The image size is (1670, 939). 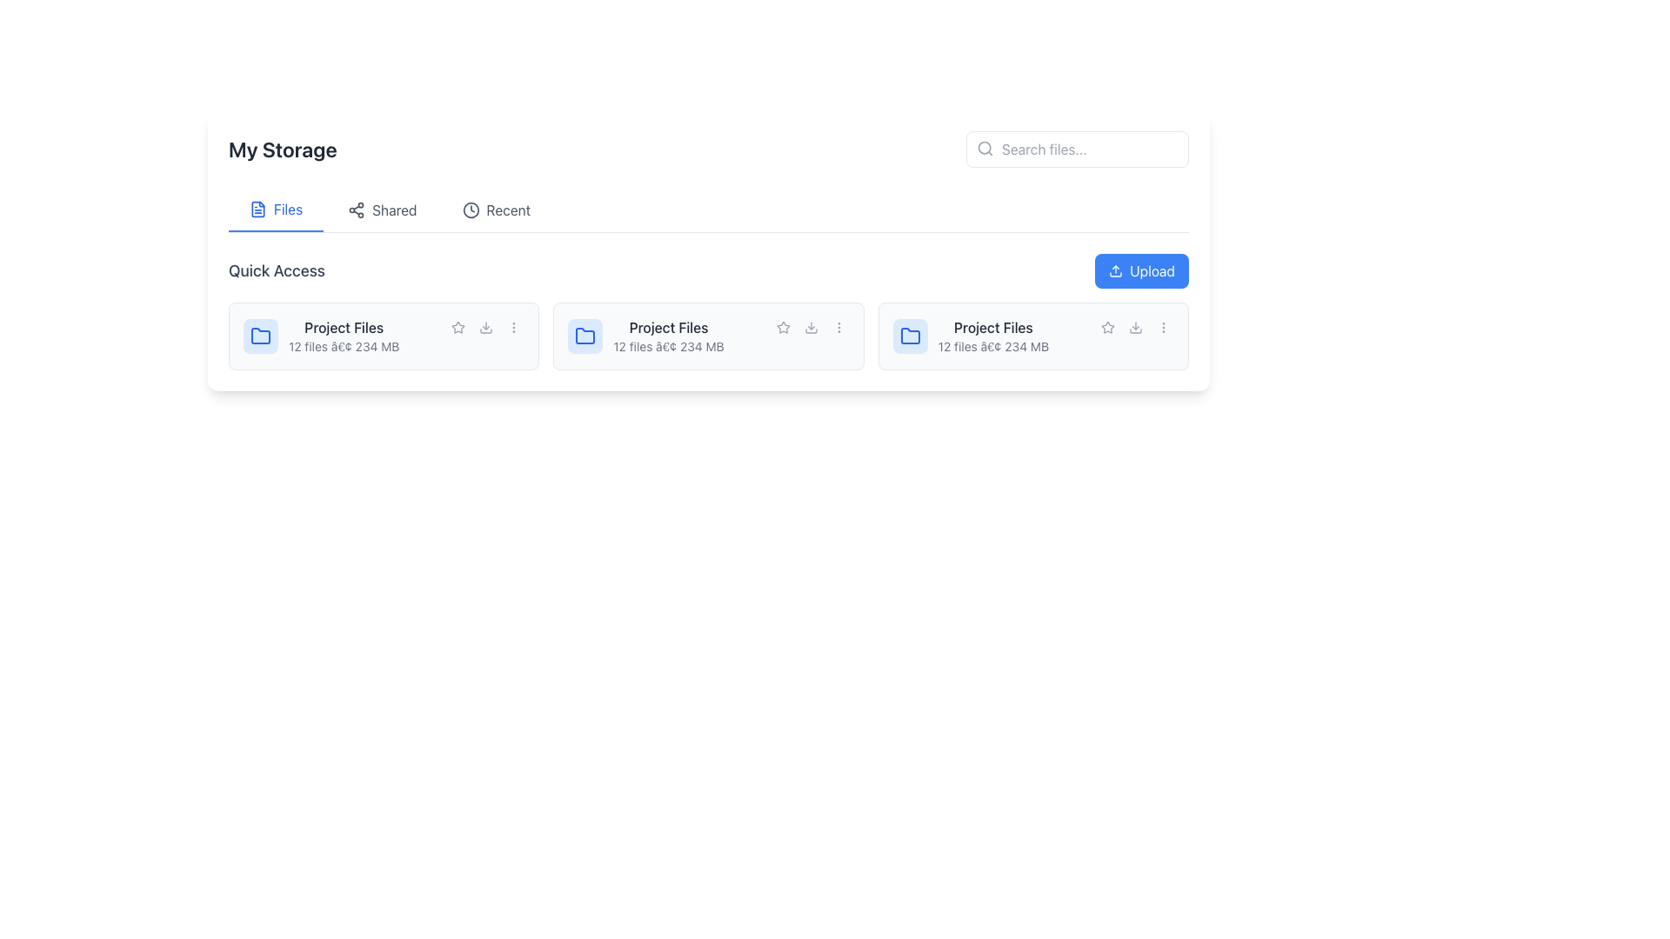 What do you see at coordinates (993, 336) in the screenshot?
I see `the Static text element displaying the title 'Project Files' and subtitle '12 files • 234 MB', which is the third entry in a grid layout` at bounding box center [993, 336].